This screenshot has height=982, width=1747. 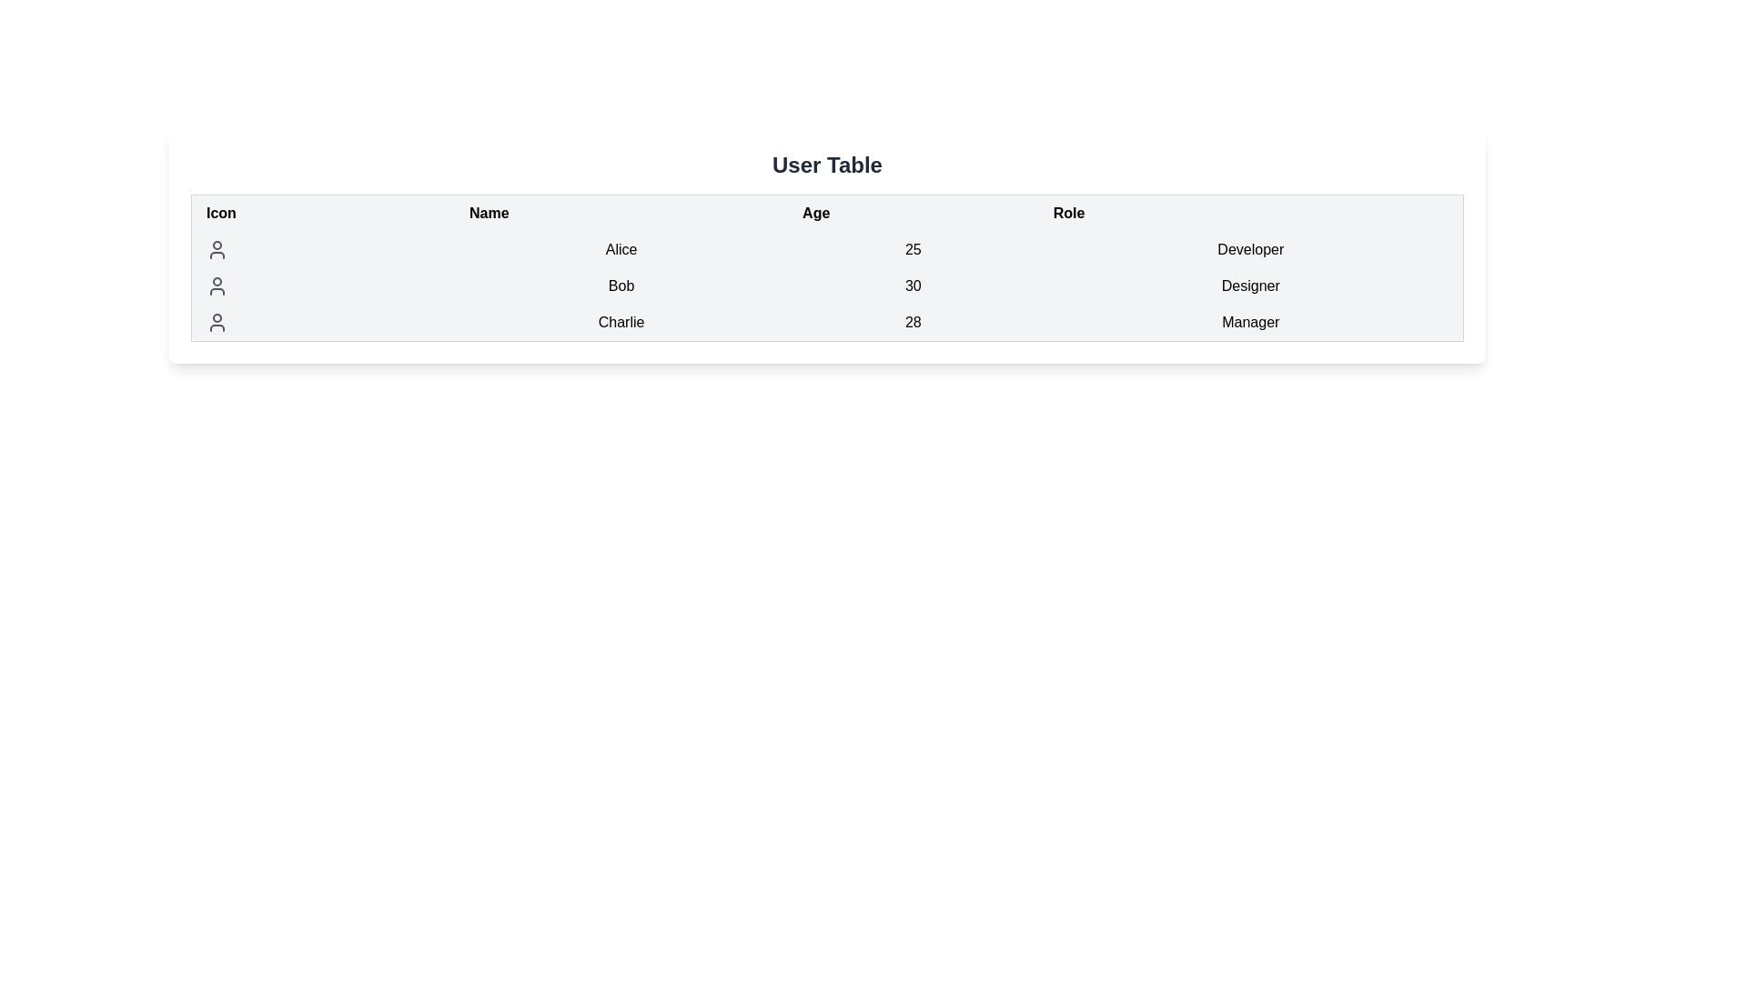 What do you see at coordinates (217, 249) in the screenshot?
I see `the user silhouette icon, which is styled in gray and located in the 'Icon' column of the first row in the user table interface` at bounding box center [217, 249].